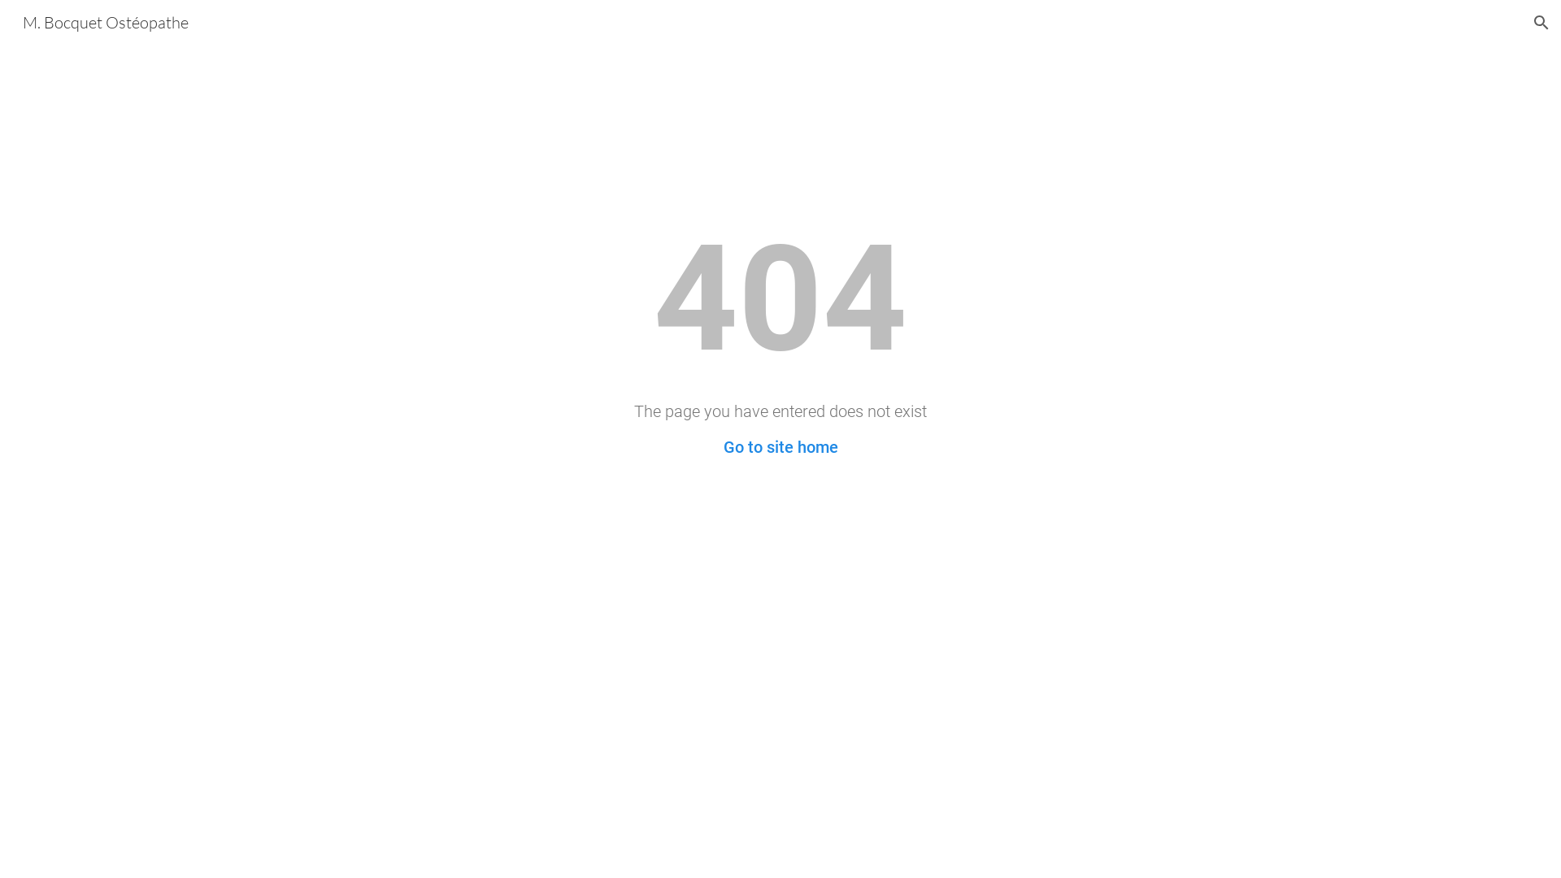 Image resolution: width=1561 pixels, height=878 pixels. I want to click on 'Go to site home', so click(780, 447).